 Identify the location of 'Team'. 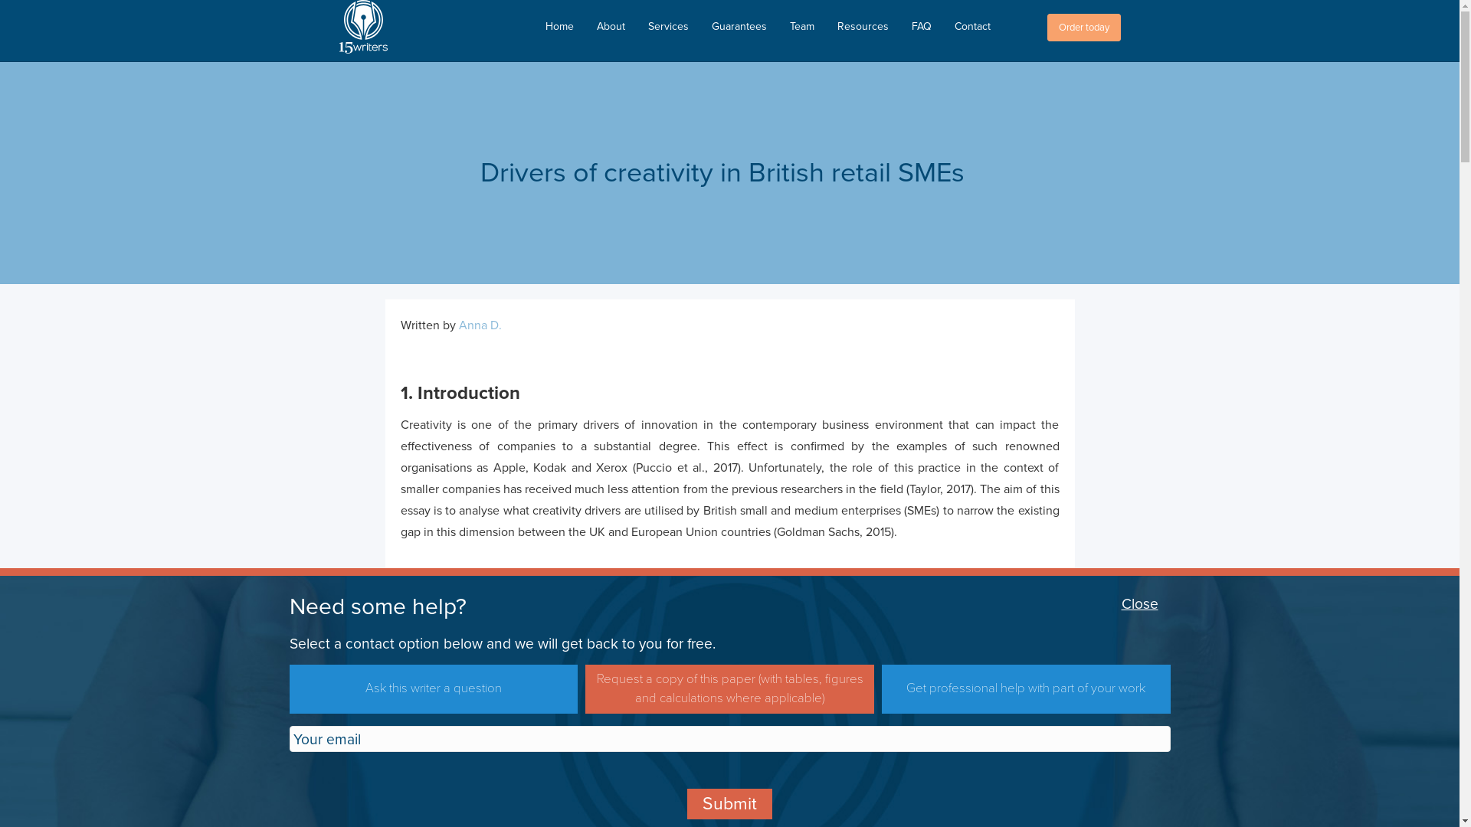
(801, 26).